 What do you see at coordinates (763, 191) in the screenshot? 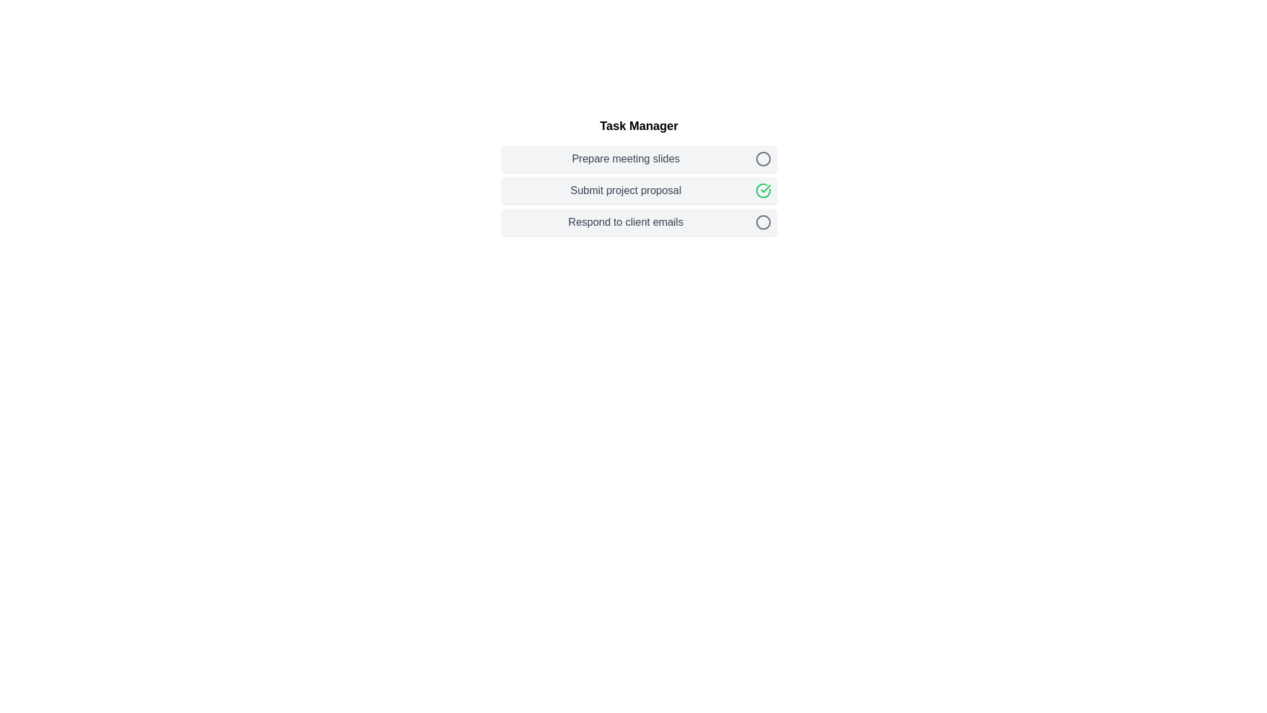
I see `the completion icon located to the right of the text 'Submit project proposal' in the second row of a three-row list` at bounding box center [763, 191].